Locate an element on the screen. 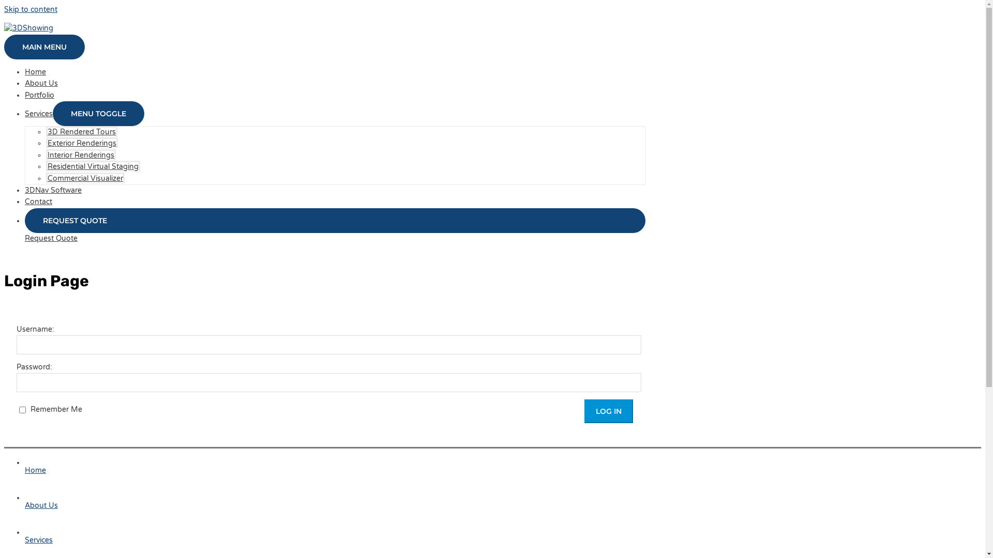  'Services' is located at coordinates (39, 114).